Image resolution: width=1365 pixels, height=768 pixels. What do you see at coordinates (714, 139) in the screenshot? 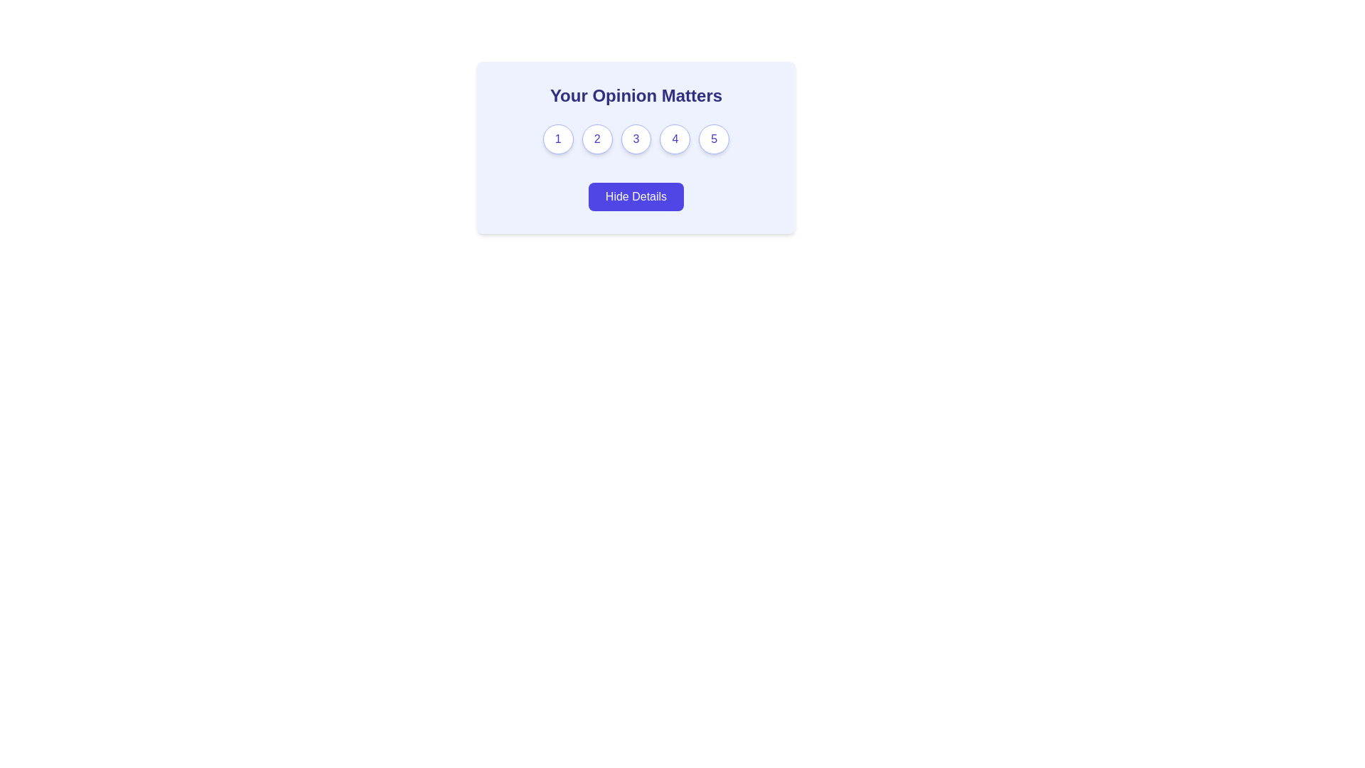
I see `keyboard navigation` at bounding box center [714, 139].